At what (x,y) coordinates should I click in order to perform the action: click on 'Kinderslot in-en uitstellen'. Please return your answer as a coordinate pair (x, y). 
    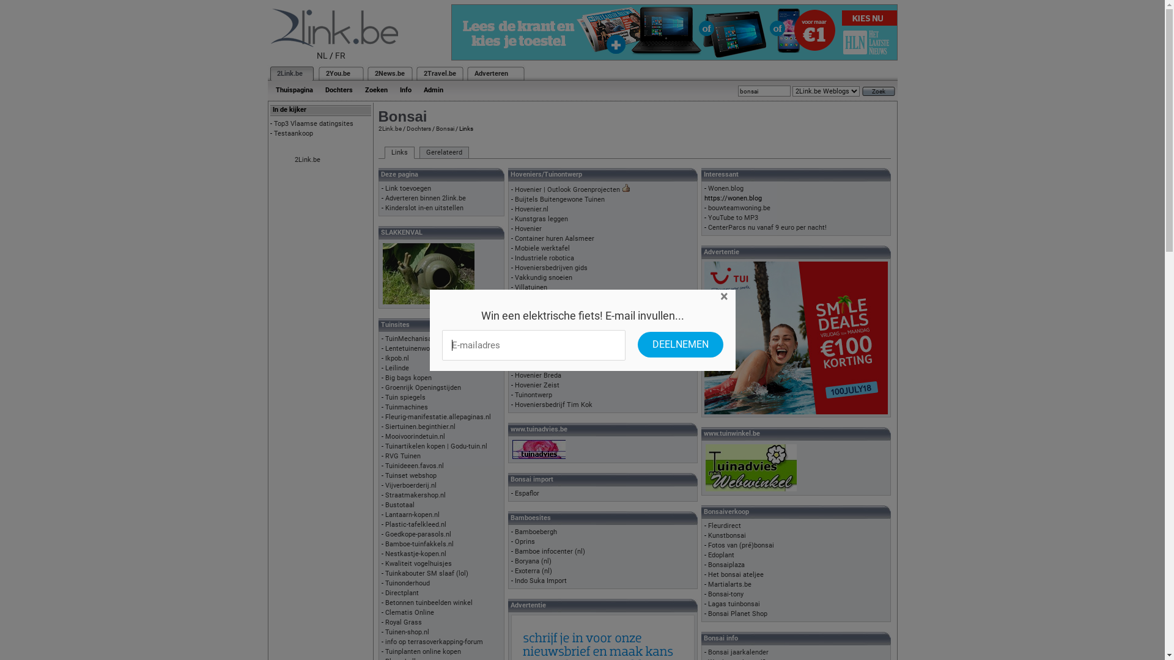
    Looking at the image, I should click on (424, 207).